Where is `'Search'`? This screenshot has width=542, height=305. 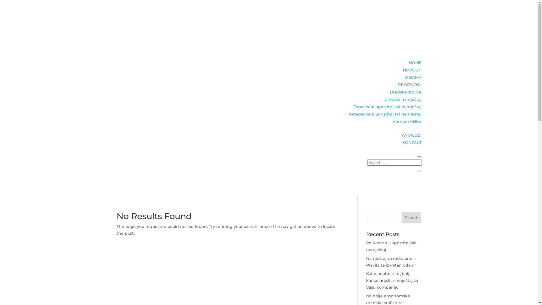
'Search' is located at coordinates (412, 217).